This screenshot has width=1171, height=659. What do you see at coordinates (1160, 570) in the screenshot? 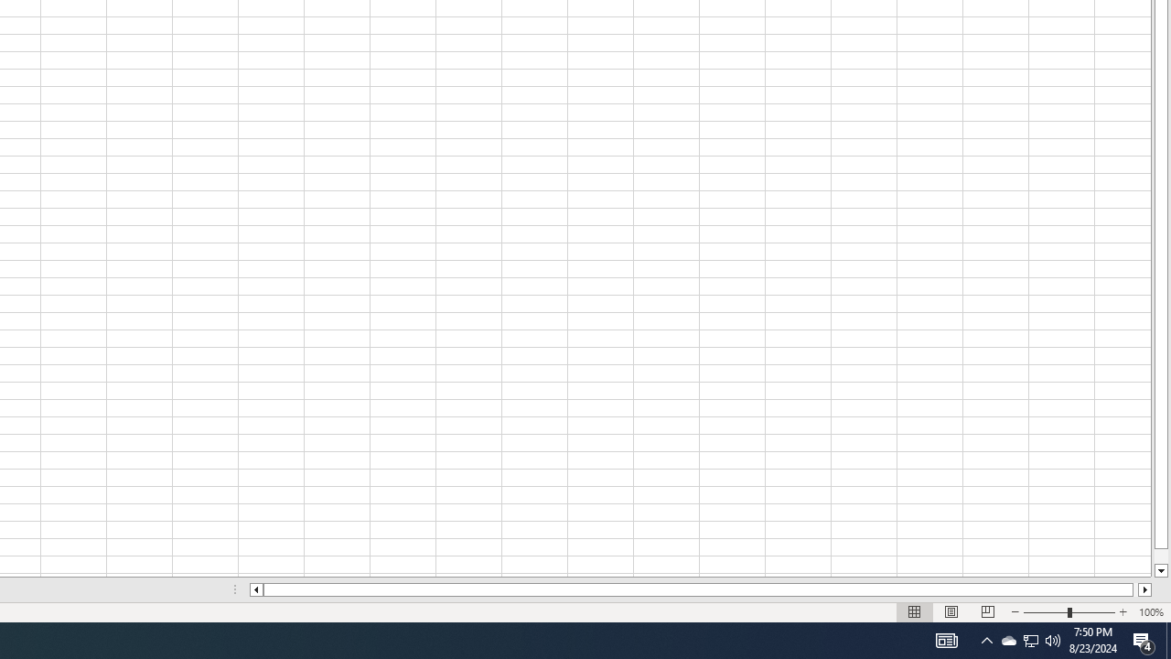
I see `'Line down'` at bounding box center [1160, 570].